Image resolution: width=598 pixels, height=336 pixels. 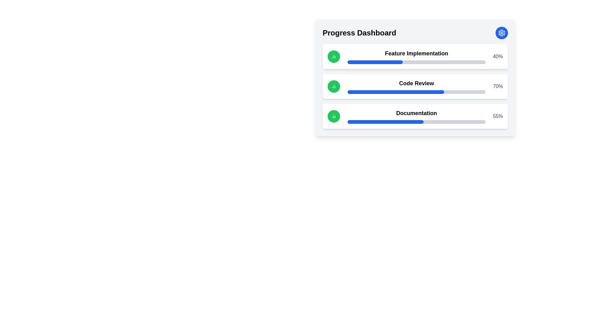 I want to click on the progress bar representing 40% completion for 'Feature Implementation', so click(x=375, y=62).